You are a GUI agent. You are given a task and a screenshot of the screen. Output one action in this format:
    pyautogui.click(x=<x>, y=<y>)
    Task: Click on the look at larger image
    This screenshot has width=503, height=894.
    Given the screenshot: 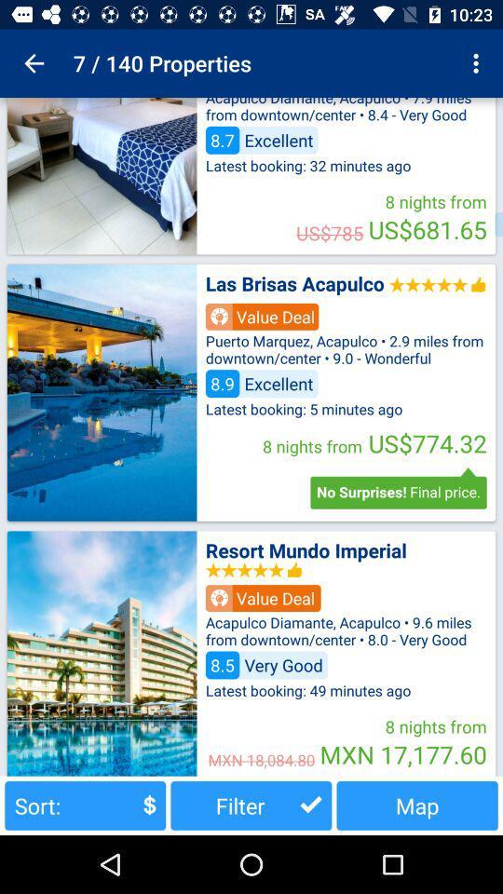 What is the action you would take?
    pyautogui.click(x=102, y=653)
    